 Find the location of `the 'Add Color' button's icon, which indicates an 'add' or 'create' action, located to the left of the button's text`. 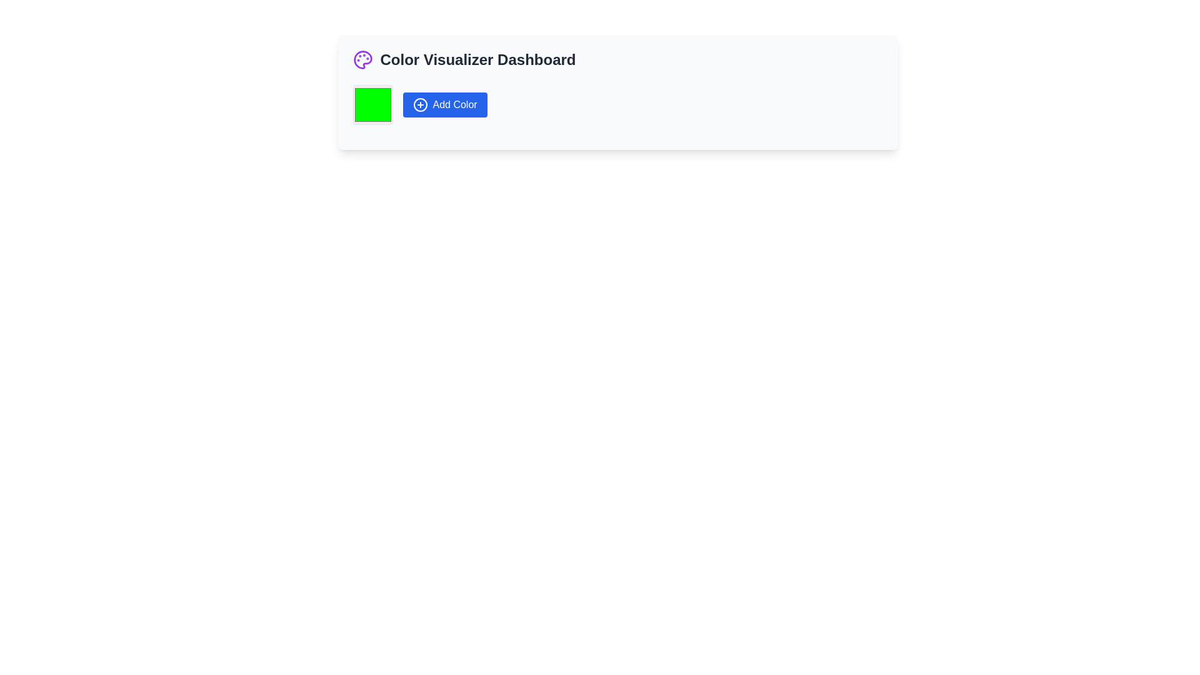

the 'Add Color' button's icon, which indicates an 'add' or 'create' action, located to the left of the button's text is located at coordinates (420, 104).